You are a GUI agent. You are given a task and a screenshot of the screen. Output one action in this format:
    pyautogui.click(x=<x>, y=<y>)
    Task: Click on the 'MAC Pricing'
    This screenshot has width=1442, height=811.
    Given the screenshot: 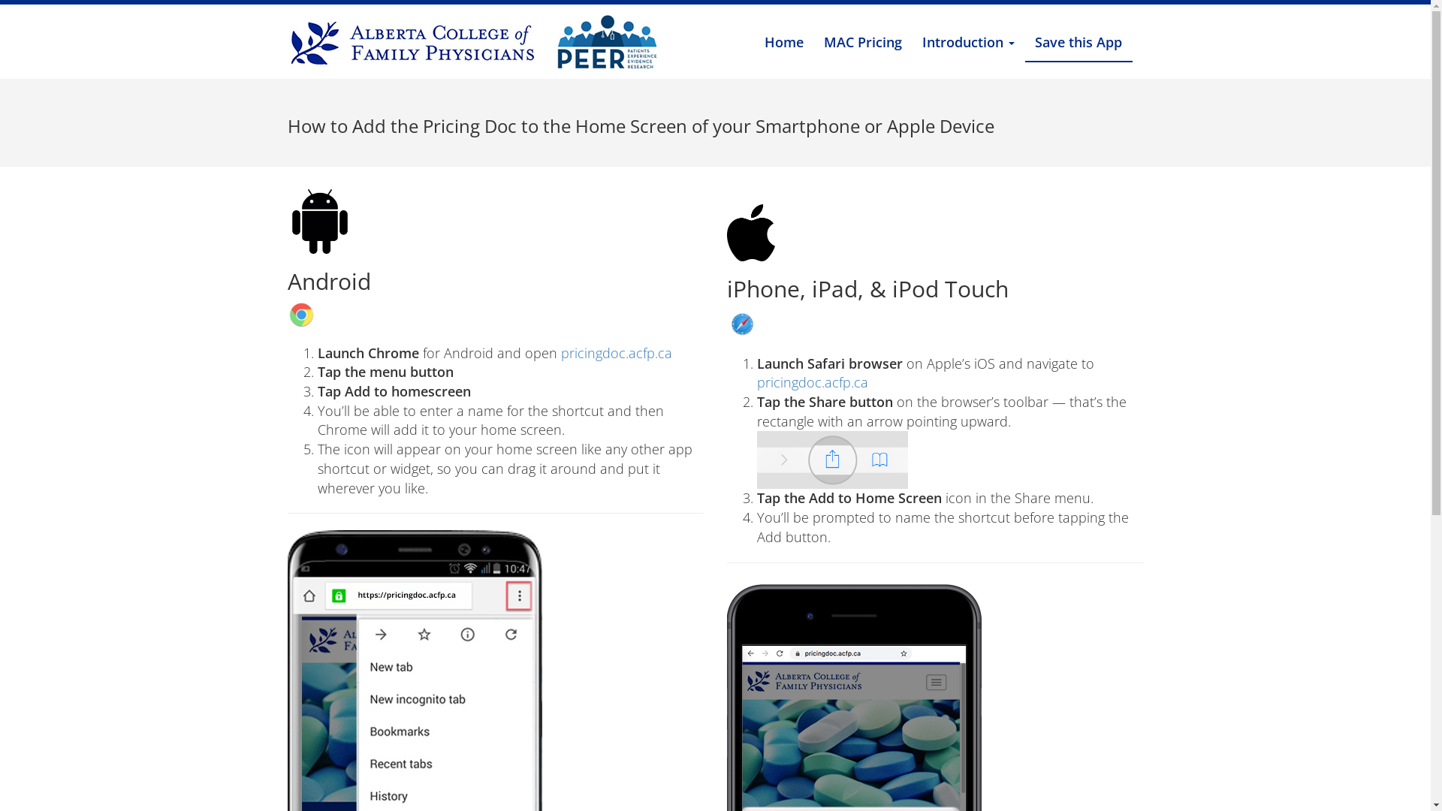 What is the action you would take?
    pyautogui.click(x=813, y=41)
    